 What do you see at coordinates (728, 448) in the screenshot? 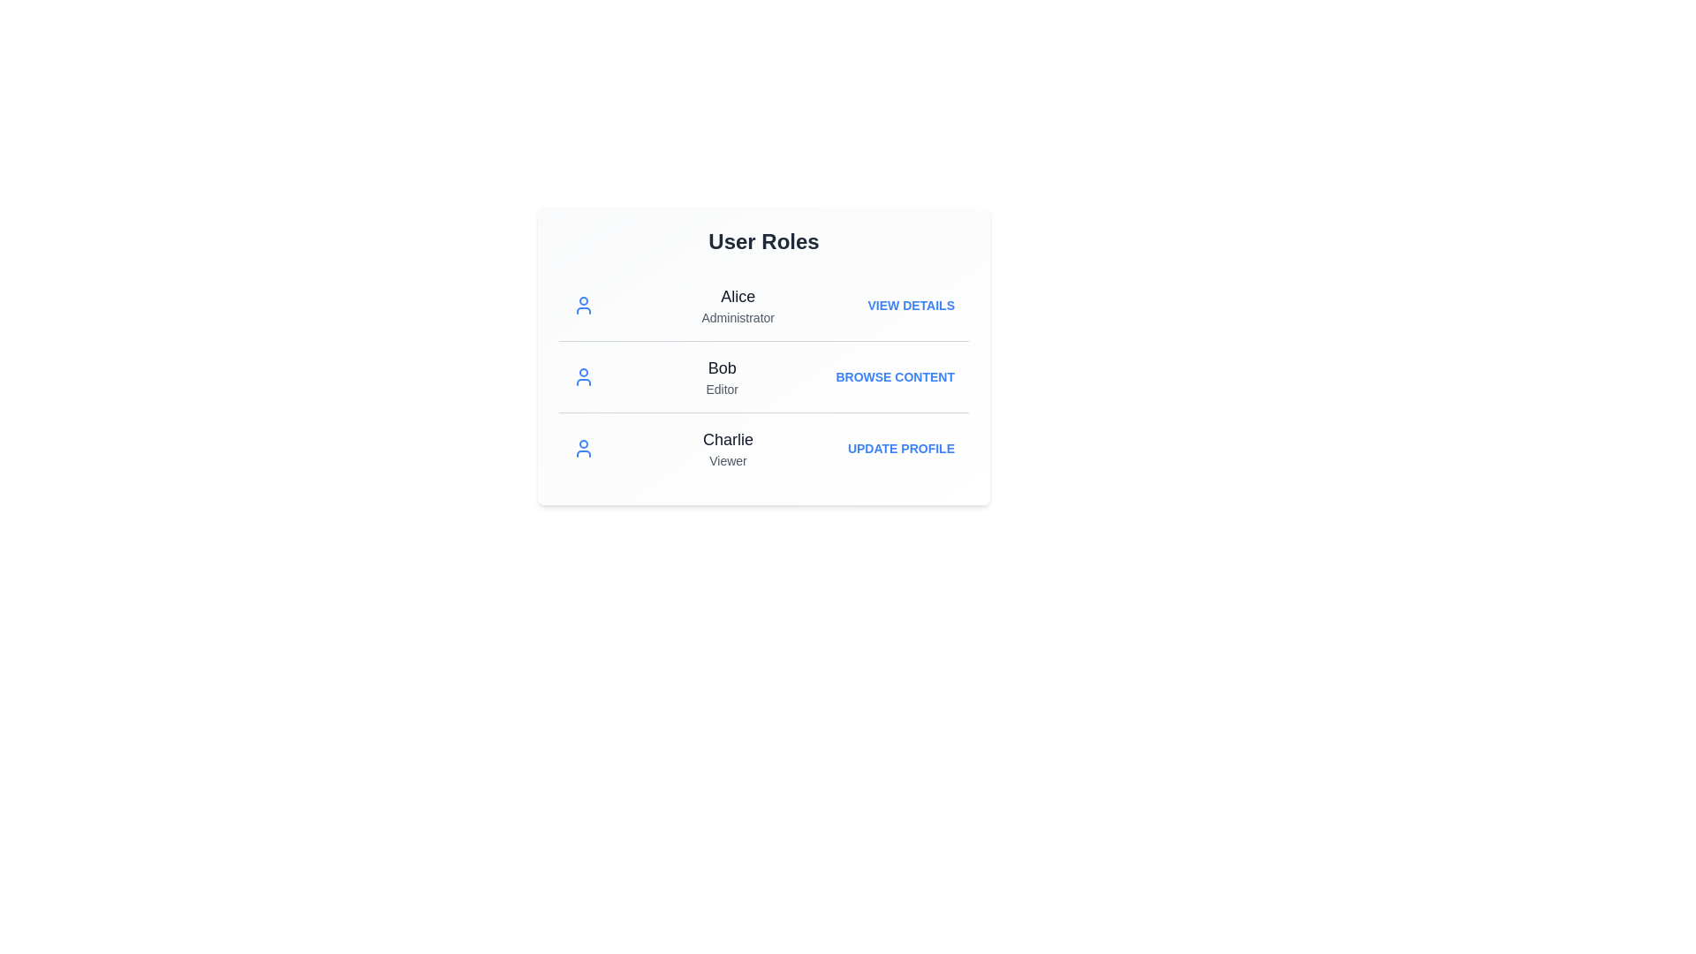
I see `the Text display element containing 'Charlie' and 'Viewer', which is the third component in the user role list` at bounding box center [728, 448].